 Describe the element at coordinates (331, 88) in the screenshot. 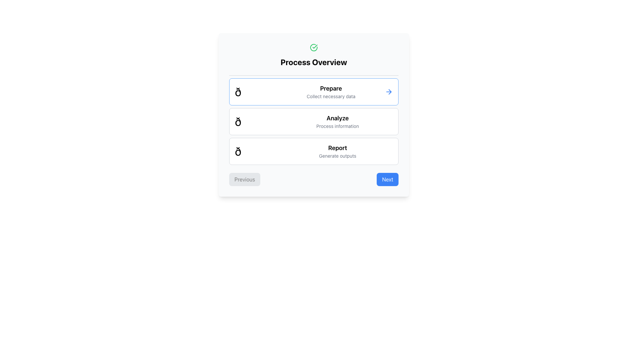

I see `the text label 'Prepare', which is a bold and prominent heading located at the top section of the layout` at that location.